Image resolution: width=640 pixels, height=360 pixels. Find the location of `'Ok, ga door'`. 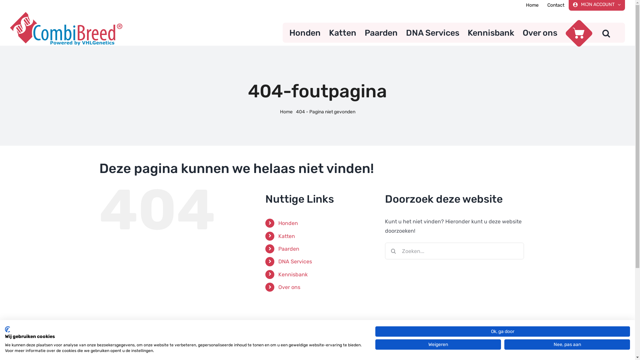

'Ok, ga door' is located at coordinates (502, 331).